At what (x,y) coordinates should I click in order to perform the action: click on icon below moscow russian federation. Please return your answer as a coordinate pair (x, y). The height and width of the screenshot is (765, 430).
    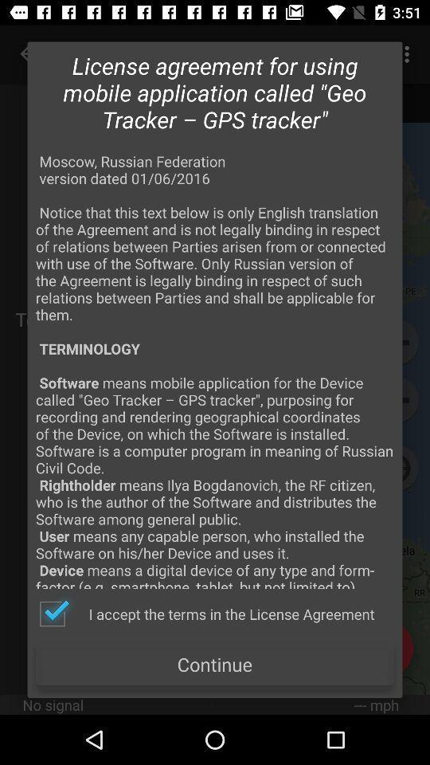
    Looking at the image, I should click on (206, 613).